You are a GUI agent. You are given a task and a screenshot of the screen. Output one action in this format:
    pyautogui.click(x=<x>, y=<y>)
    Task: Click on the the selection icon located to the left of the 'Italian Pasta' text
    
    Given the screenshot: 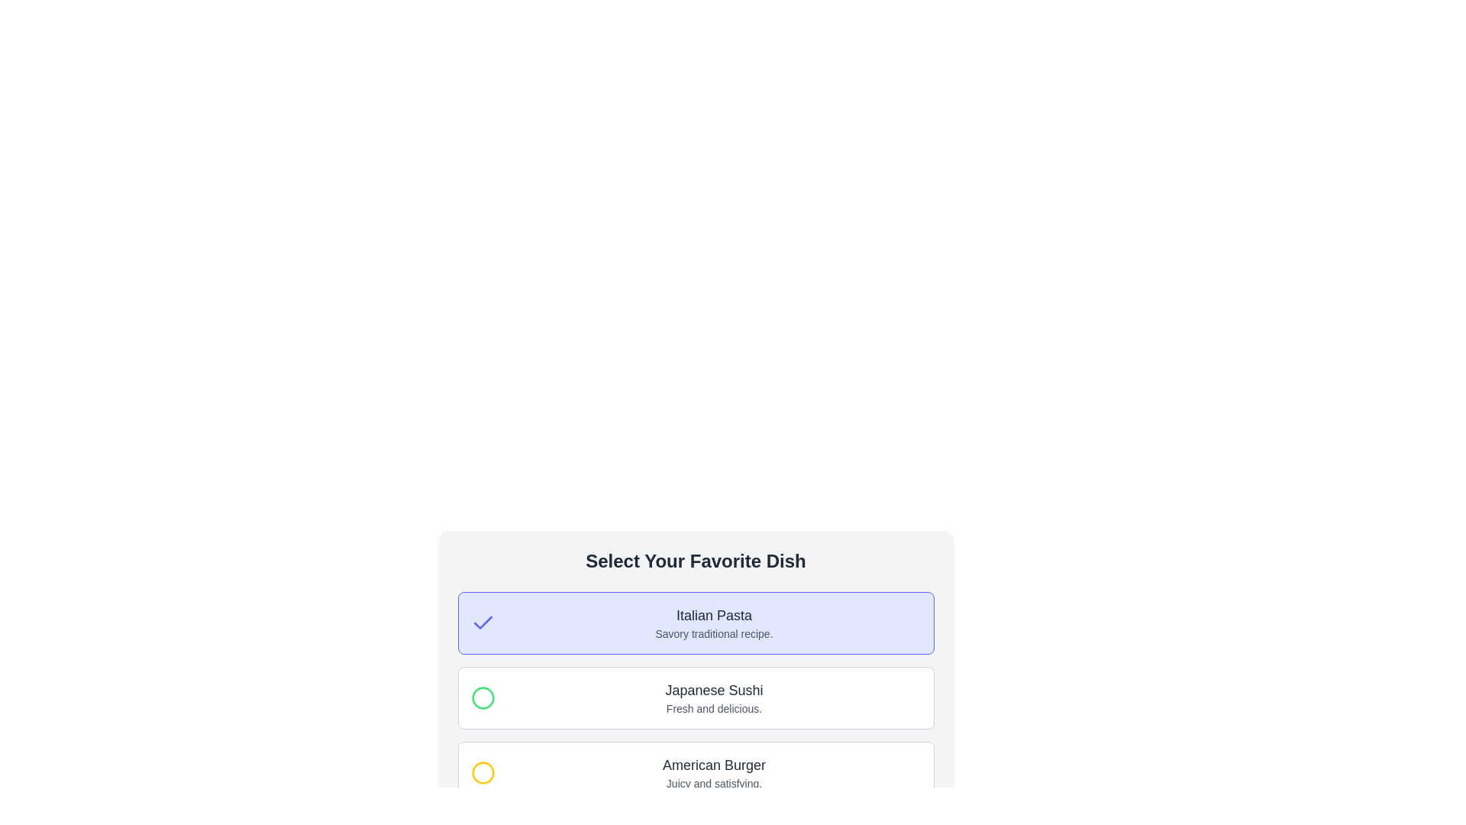 What is the action you would take?
    pyautogui.click(x=482, y=623)
    